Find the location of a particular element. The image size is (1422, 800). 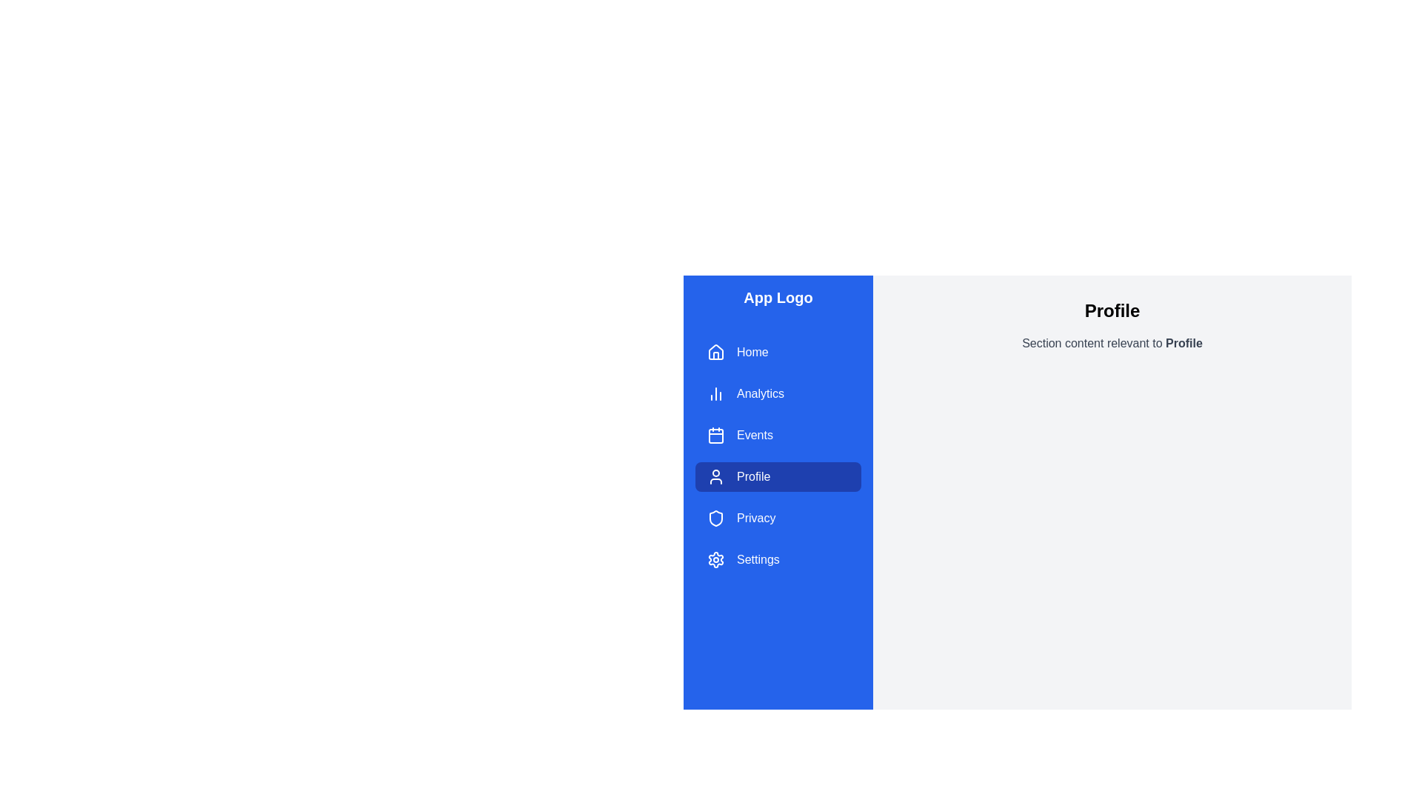

the 'Settings' menu option in the sidebar is located at coordinates (758, 560).